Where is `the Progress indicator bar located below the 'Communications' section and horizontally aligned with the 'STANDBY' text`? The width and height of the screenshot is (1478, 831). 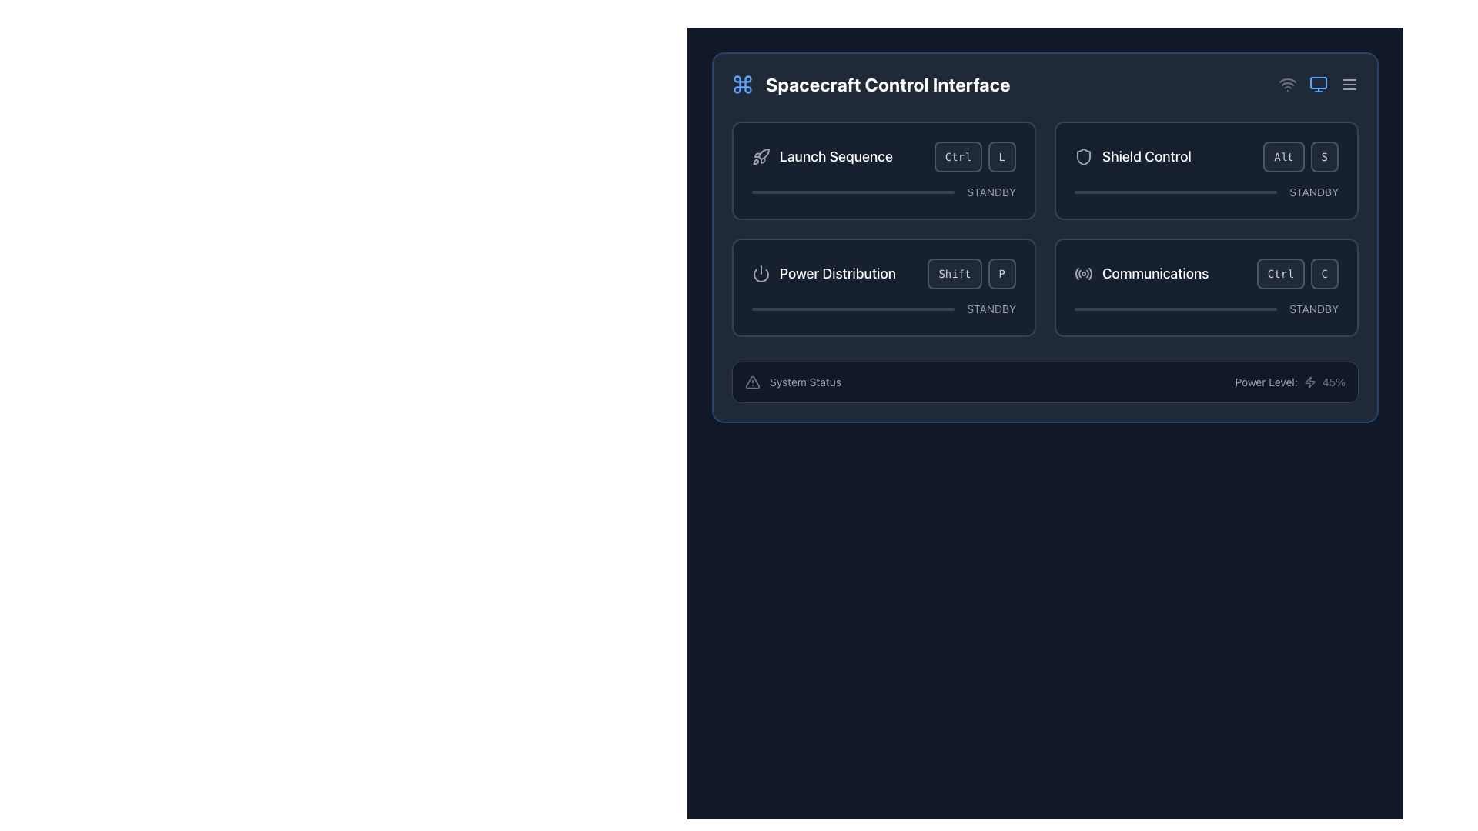 the Progress indicator bar located below the 'Communications' section and horizontally aligned with the 'STANDBY' text is located at coordinates (1175, 309).